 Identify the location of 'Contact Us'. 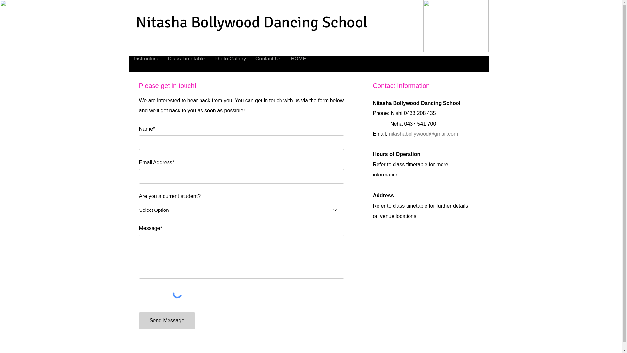
(268, 59).